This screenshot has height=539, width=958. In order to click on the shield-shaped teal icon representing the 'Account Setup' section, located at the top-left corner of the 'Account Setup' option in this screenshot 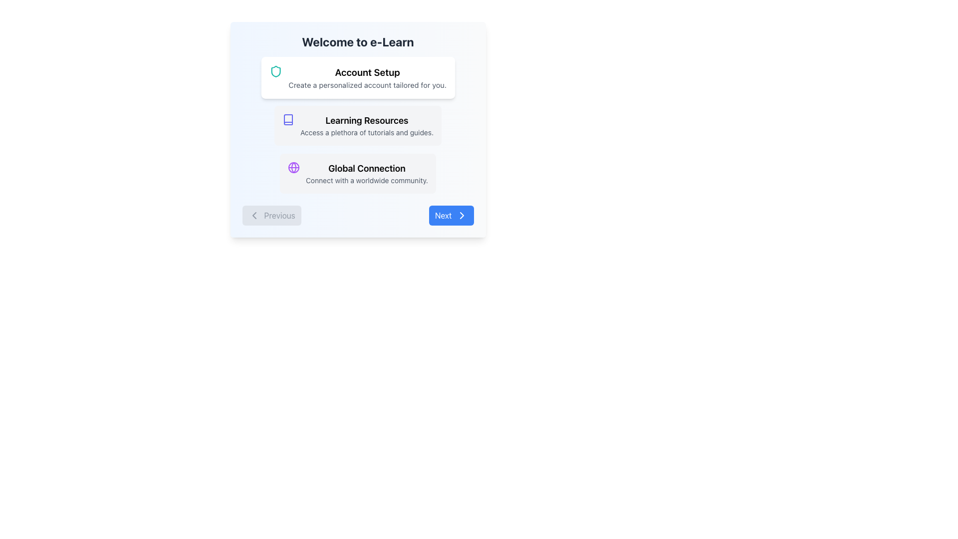, I will do `click(275, 71)`.